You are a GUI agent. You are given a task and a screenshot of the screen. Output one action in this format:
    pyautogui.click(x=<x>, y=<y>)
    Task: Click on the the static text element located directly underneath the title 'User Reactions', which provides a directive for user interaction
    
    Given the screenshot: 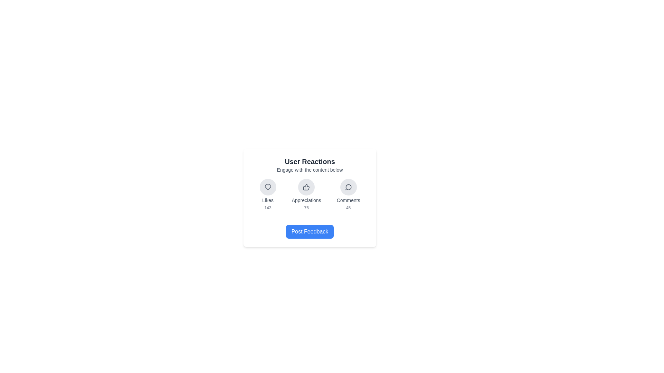 What is the action you would take?
    pyautogui.click(x=310, y=170)
    